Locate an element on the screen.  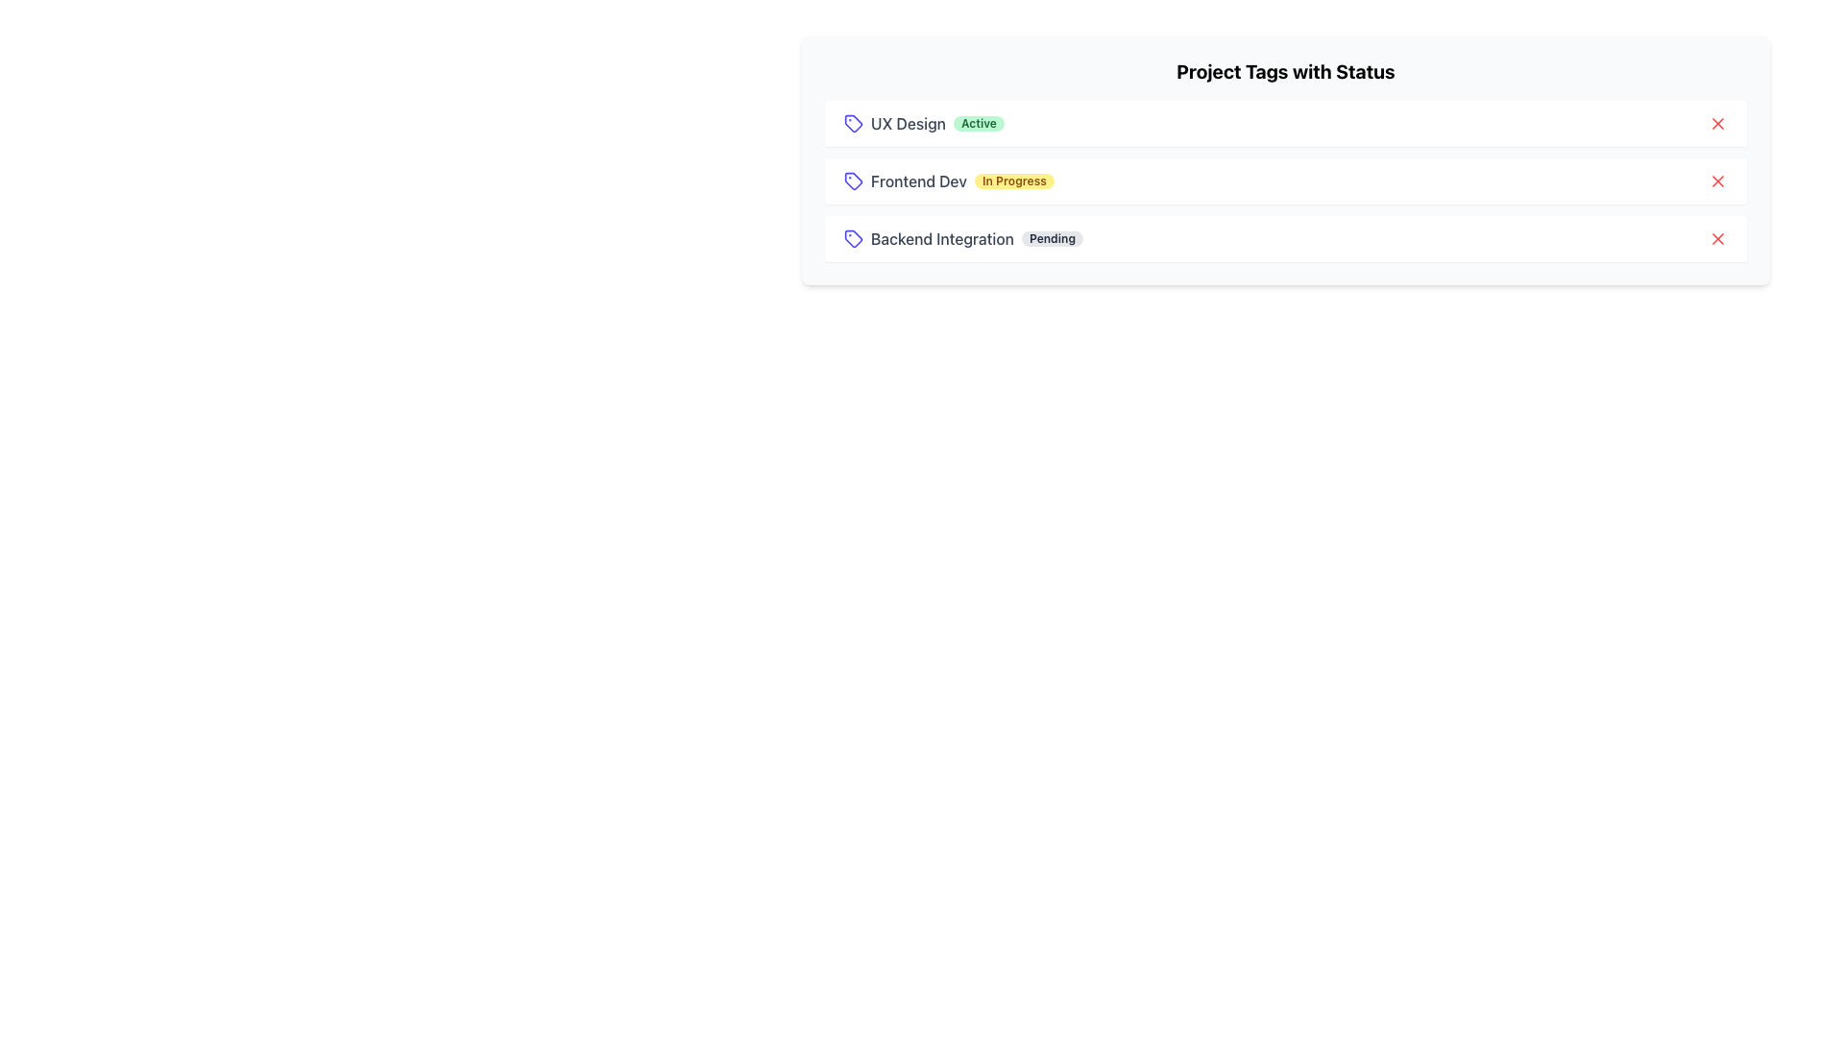
status text from the Status label indicating 'Pending' for the 'Backend Integration' task, located to the immediate right of the 'Backend Integration' text in the bottom row of the project tags is located at coordinates (1051, 238).